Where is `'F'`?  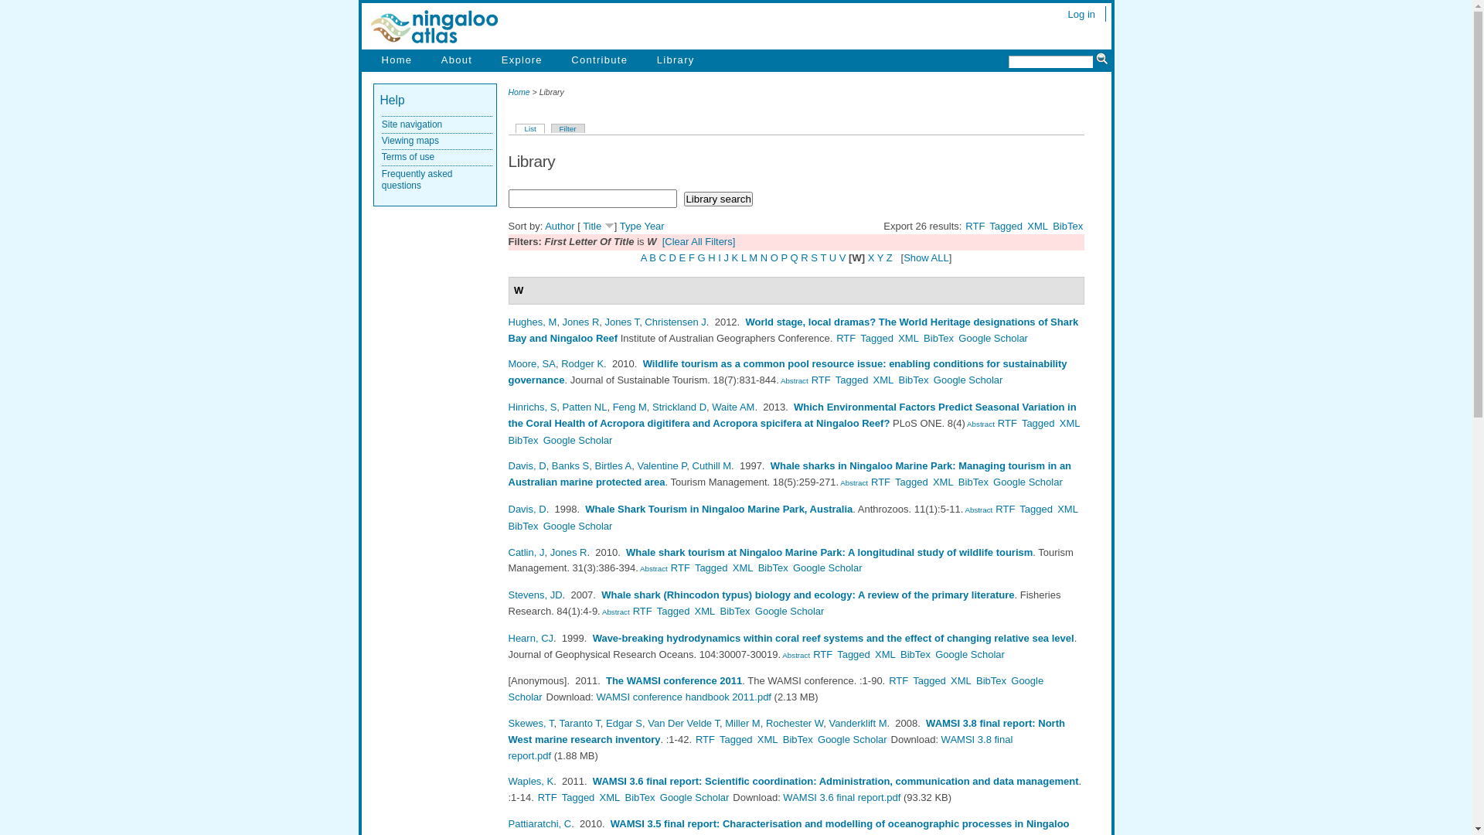
'F' is located at coordinates (688, 257).